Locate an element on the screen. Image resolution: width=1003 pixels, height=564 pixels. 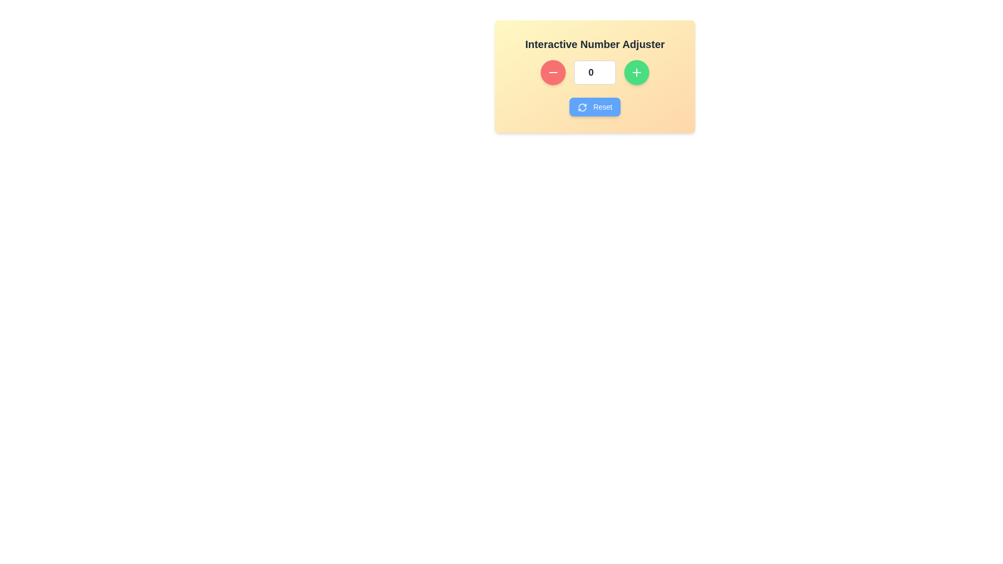
the decrement button located on the left side of the numeric input group is located at coordinates (553, 72).